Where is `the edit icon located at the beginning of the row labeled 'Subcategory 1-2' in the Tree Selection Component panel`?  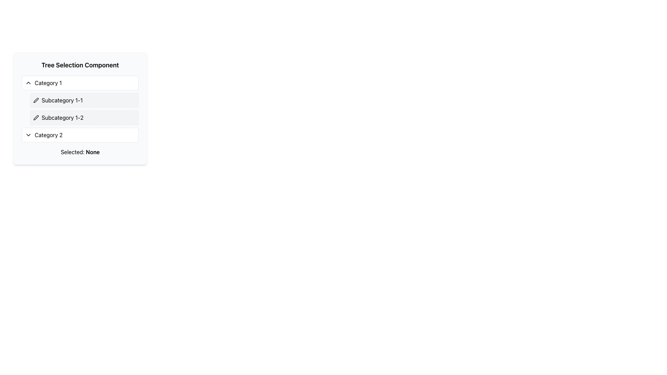
the edit icon located at the beginning of the row labeled 'Subcategory 1-2' in the Tree Selection Component panel is located at coordinates (36, 117).